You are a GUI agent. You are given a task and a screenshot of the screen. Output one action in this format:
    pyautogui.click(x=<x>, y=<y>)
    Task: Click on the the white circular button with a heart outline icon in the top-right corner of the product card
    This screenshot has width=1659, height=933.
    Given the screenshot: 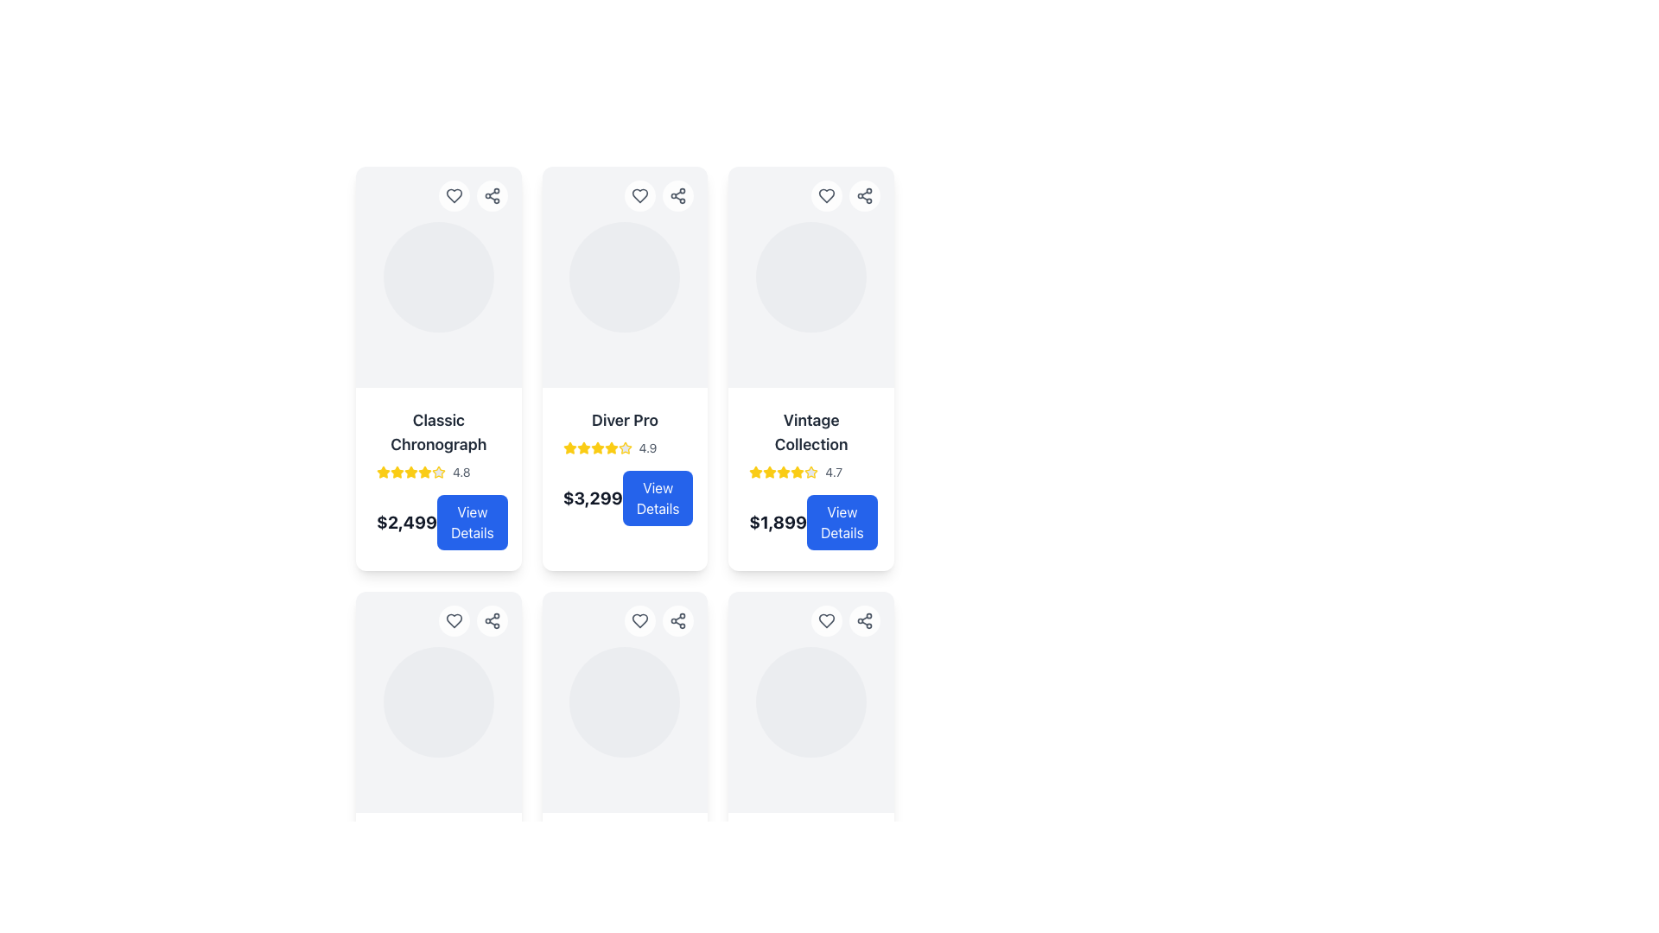 What is the action you would take?
    pyautogui.click(x=825, y=619)
    